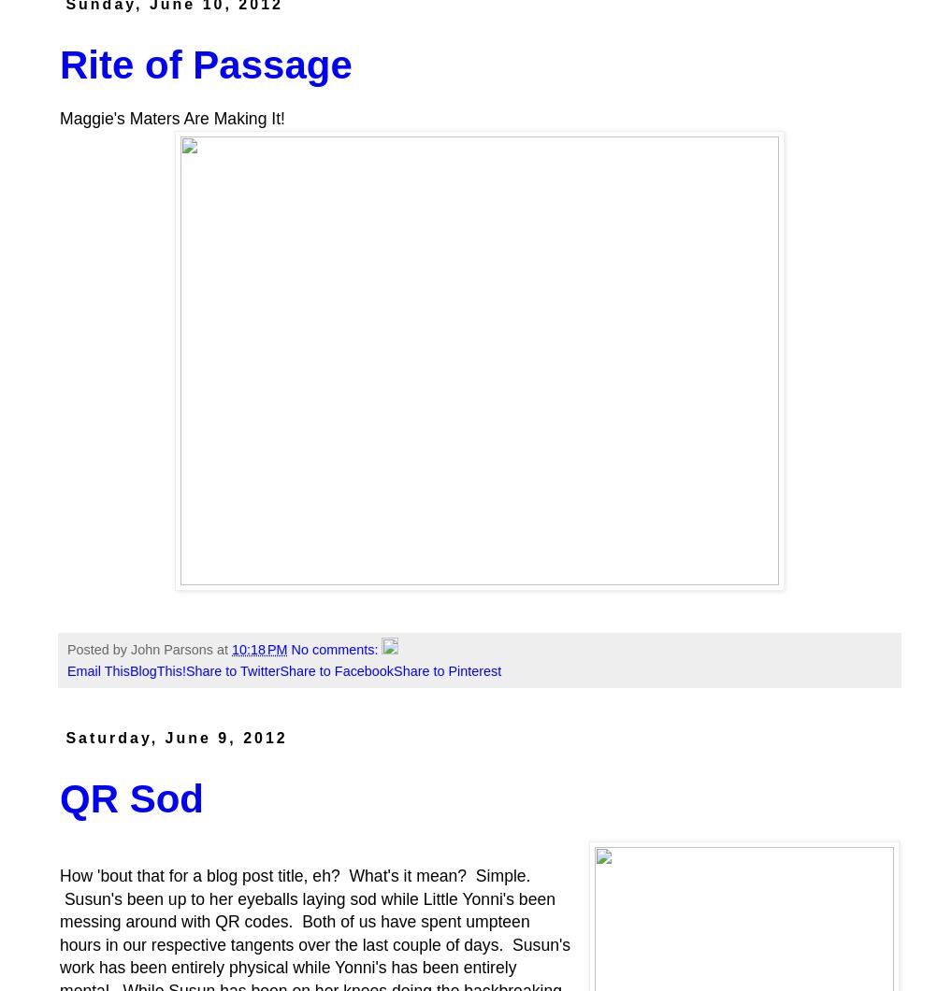  What do you see at coordinates (171, 649) in the screenshot?
I see `'John Parsons'` at bounding box center [171, 649].